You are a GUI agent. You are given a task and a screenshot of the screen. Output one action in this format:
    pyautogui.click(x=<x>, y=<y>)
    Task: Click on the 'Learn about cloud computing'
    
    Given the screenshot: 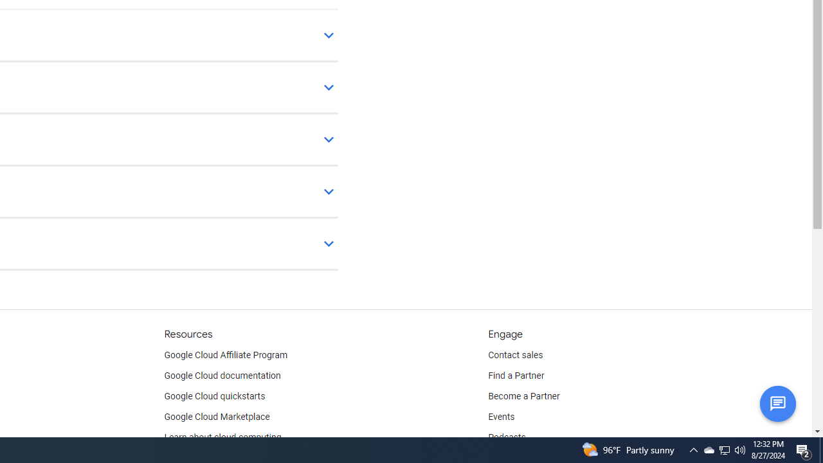 What is the action you would take?
    pyautogui.click(x=222, y=437)
    